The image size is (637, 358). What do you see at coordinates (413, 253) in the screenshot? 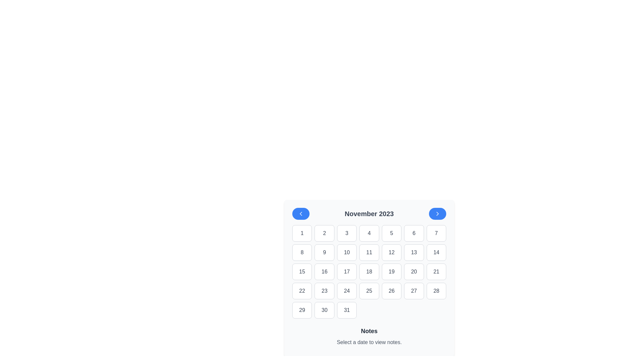
I see `the calendar button displaying the number '13', located in the second row and seventh column of the calendar interface` at bounding box center [413, 253].